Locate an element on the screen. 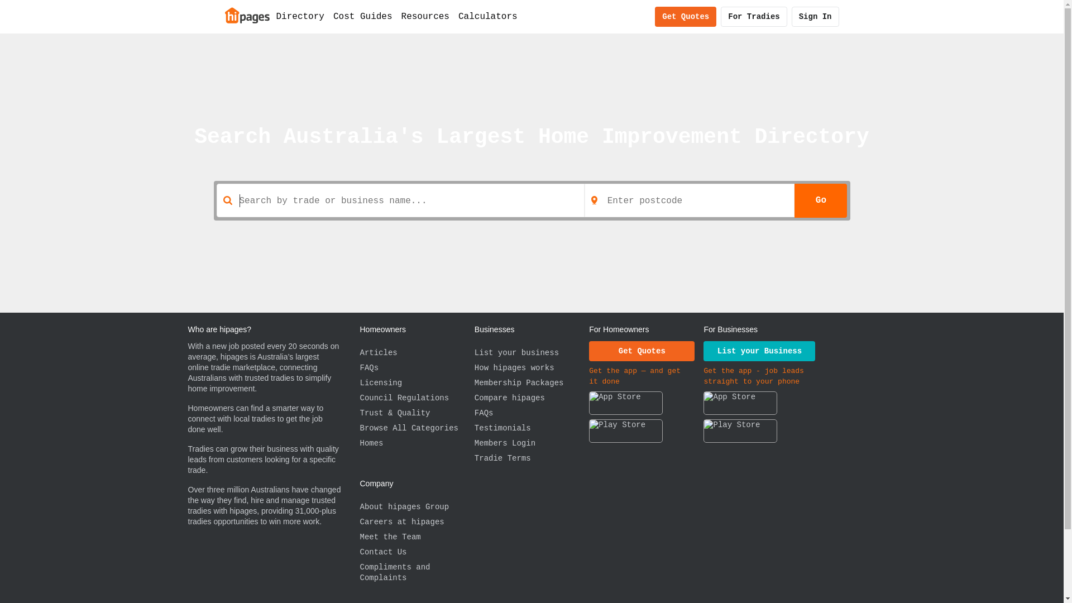 The width and height of the screenshot is (1072, 603). 'About hipages Group' is located at coordinates (359, 507).